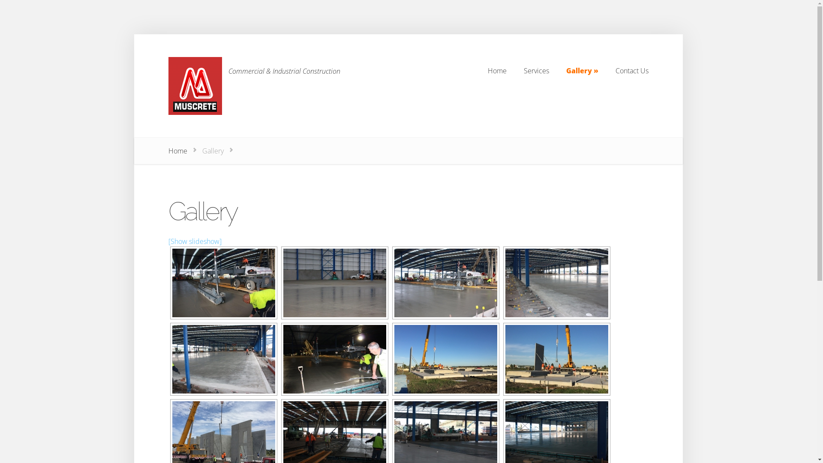 Image resolution: width=823 pixels, height=463 pixels. What do you see at coordinates (334, 283) in the screenshot?
I see `'Muscrete Jobs 043'` at bounding box center [334, 283].